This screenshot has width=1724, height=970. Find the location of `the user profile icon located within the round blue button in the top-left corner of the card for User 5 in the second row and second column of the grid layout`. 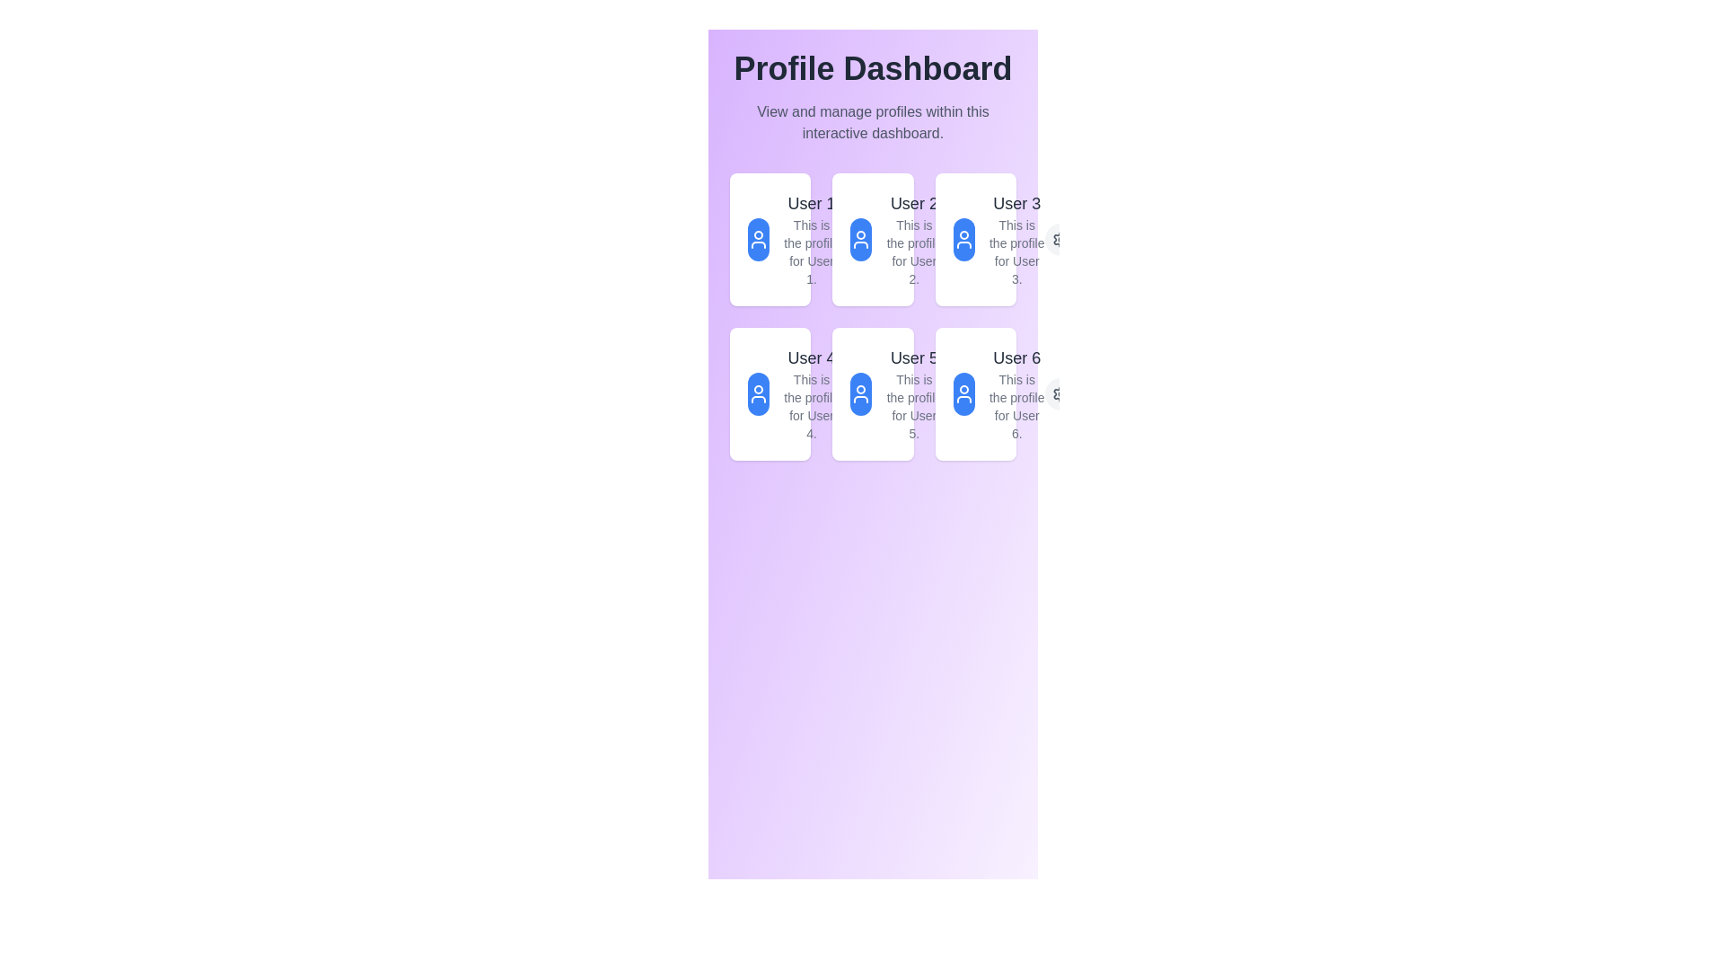

the user profile icon located within the round blue button in the top-left corner of the card for User 5 in the second row and second column of the grid layout is located at coordinates (963, 393).